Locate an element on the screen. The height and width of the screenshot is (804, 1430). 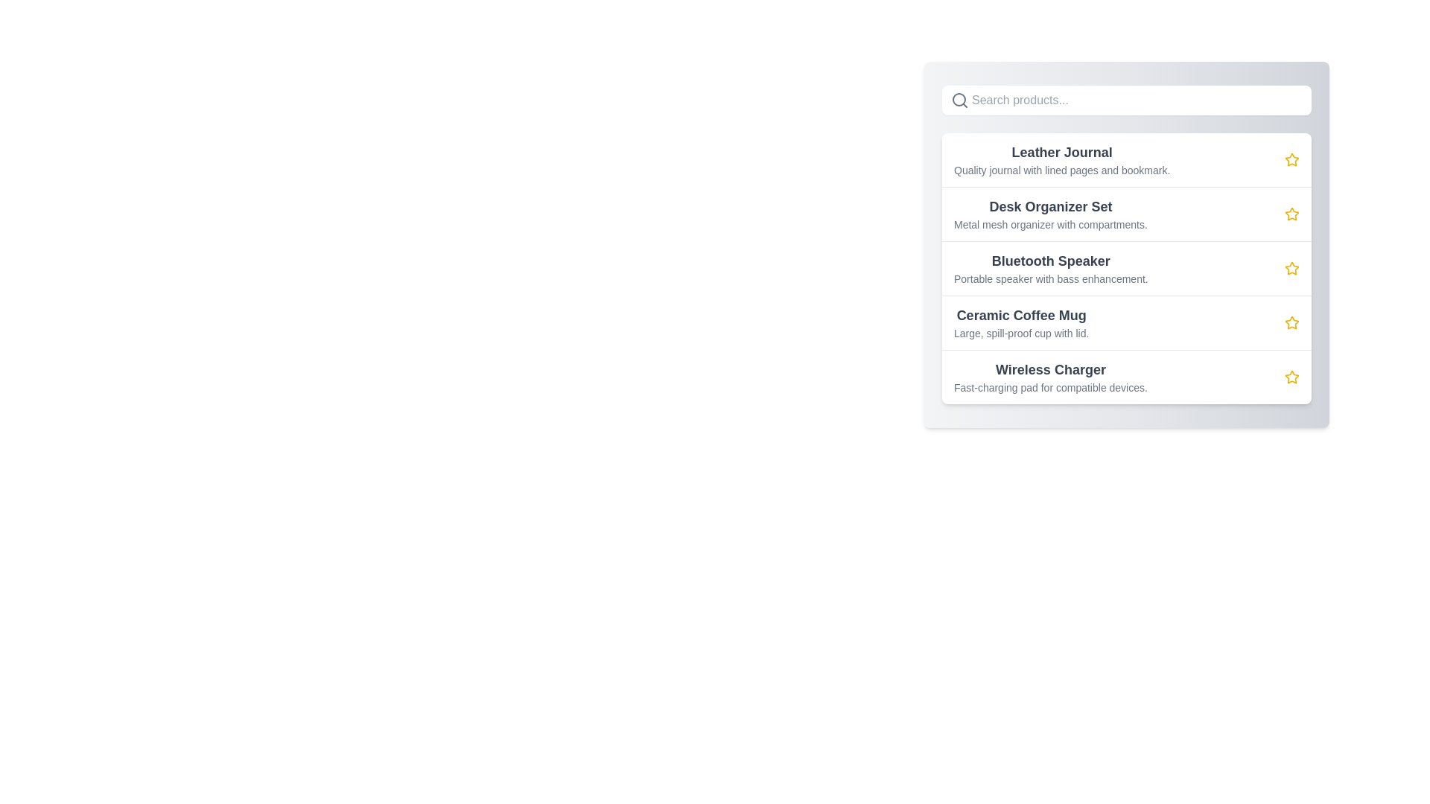
text label that serves as the title for the product entry located in the vertical list, specifically the third item between 'Desk Organizer Set' and 'Ceramic Coffee Mug' is located at coordinates (1050, 261).